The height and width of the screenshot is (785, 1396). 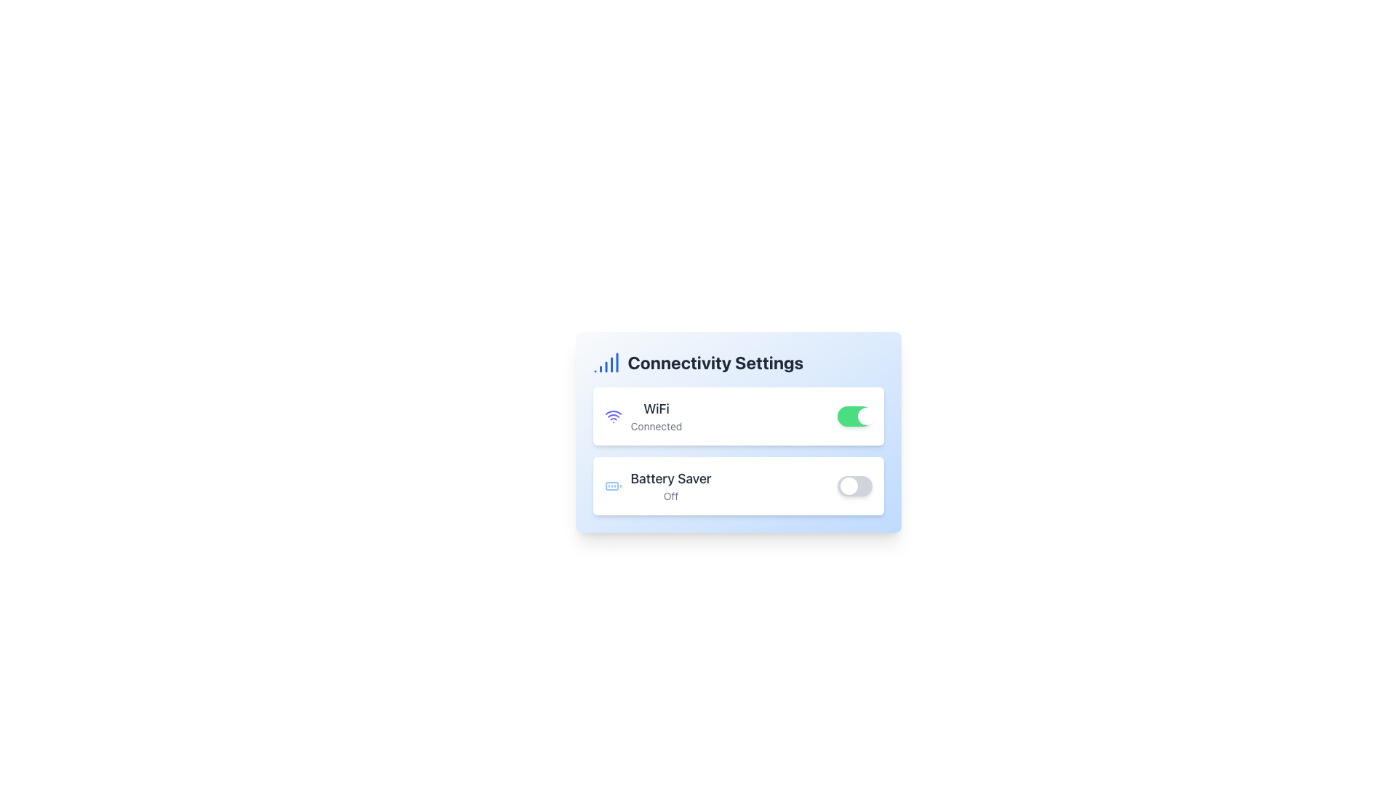 I want to click on the battery icon with a blue outline, located in the 'Battery Saver' section of the 'Connectivity Settings' card, to the left of the 'Battery Saver' text, so click(x=613, y=486).